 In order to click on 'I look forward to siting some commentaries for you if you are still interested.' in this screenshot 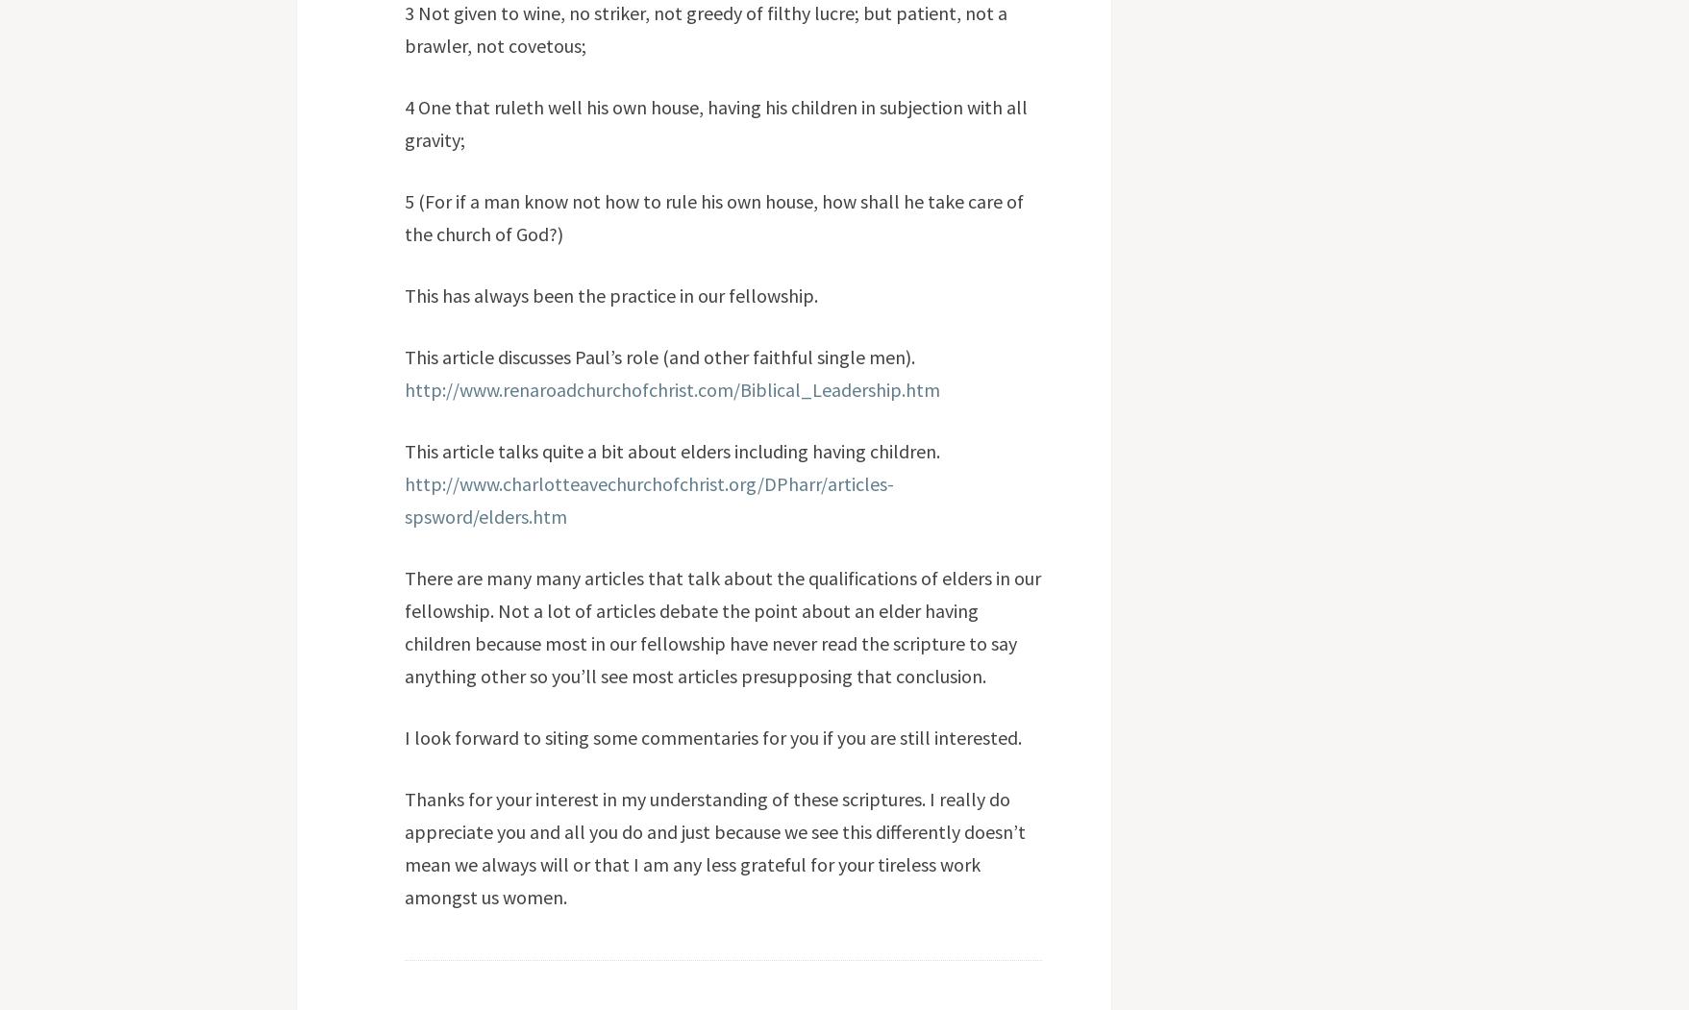, I will do `click(710, 736)`.